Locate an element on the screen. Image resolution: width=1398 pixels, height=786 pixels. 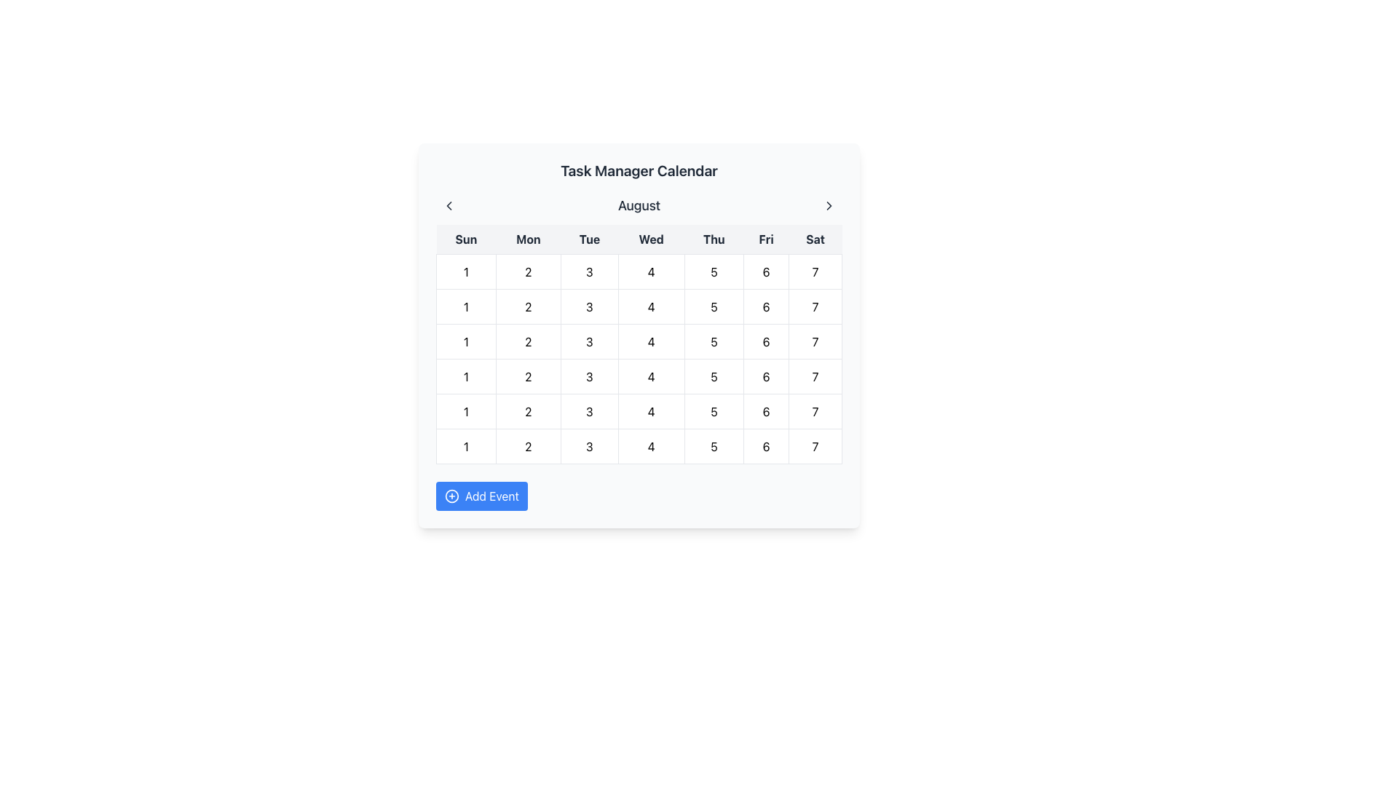
the square box representing the first calendar day, which has a white background, light-gray border, and contains the numeral '1' centered within it is located at coordinates (466, 445).